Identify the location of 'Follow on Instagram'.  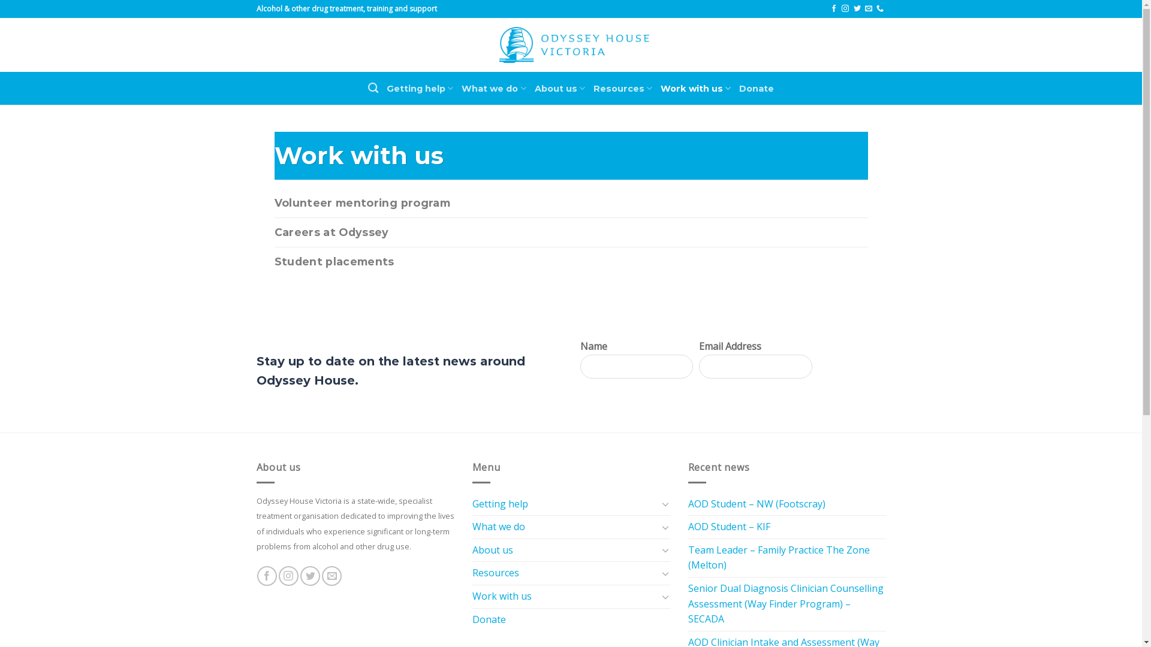
(845, 9).